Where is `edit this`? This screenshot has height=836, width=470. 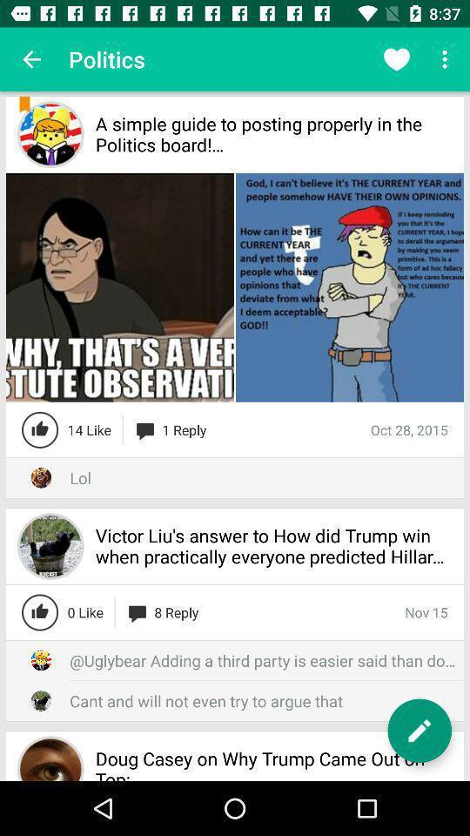 edit this is located at coordinates (419, 731).